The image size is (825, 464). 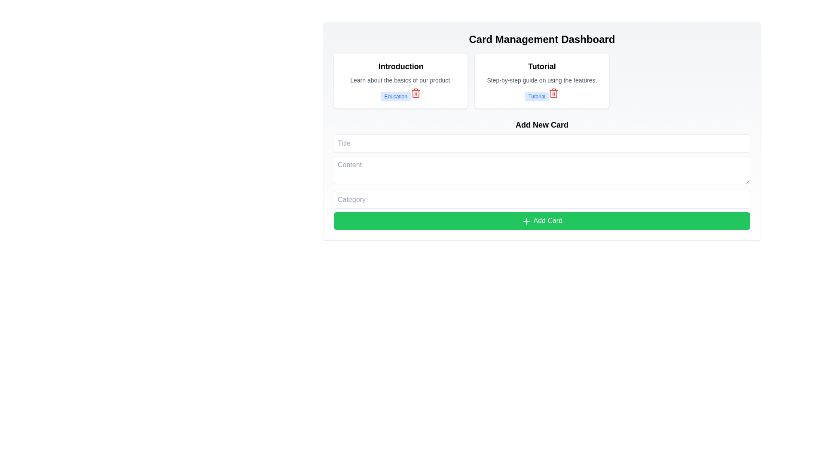 I want to click on description of the Content Card located in the first column of the grid, to the left of the 'Tutorial' card, so click(x=400, y=81).